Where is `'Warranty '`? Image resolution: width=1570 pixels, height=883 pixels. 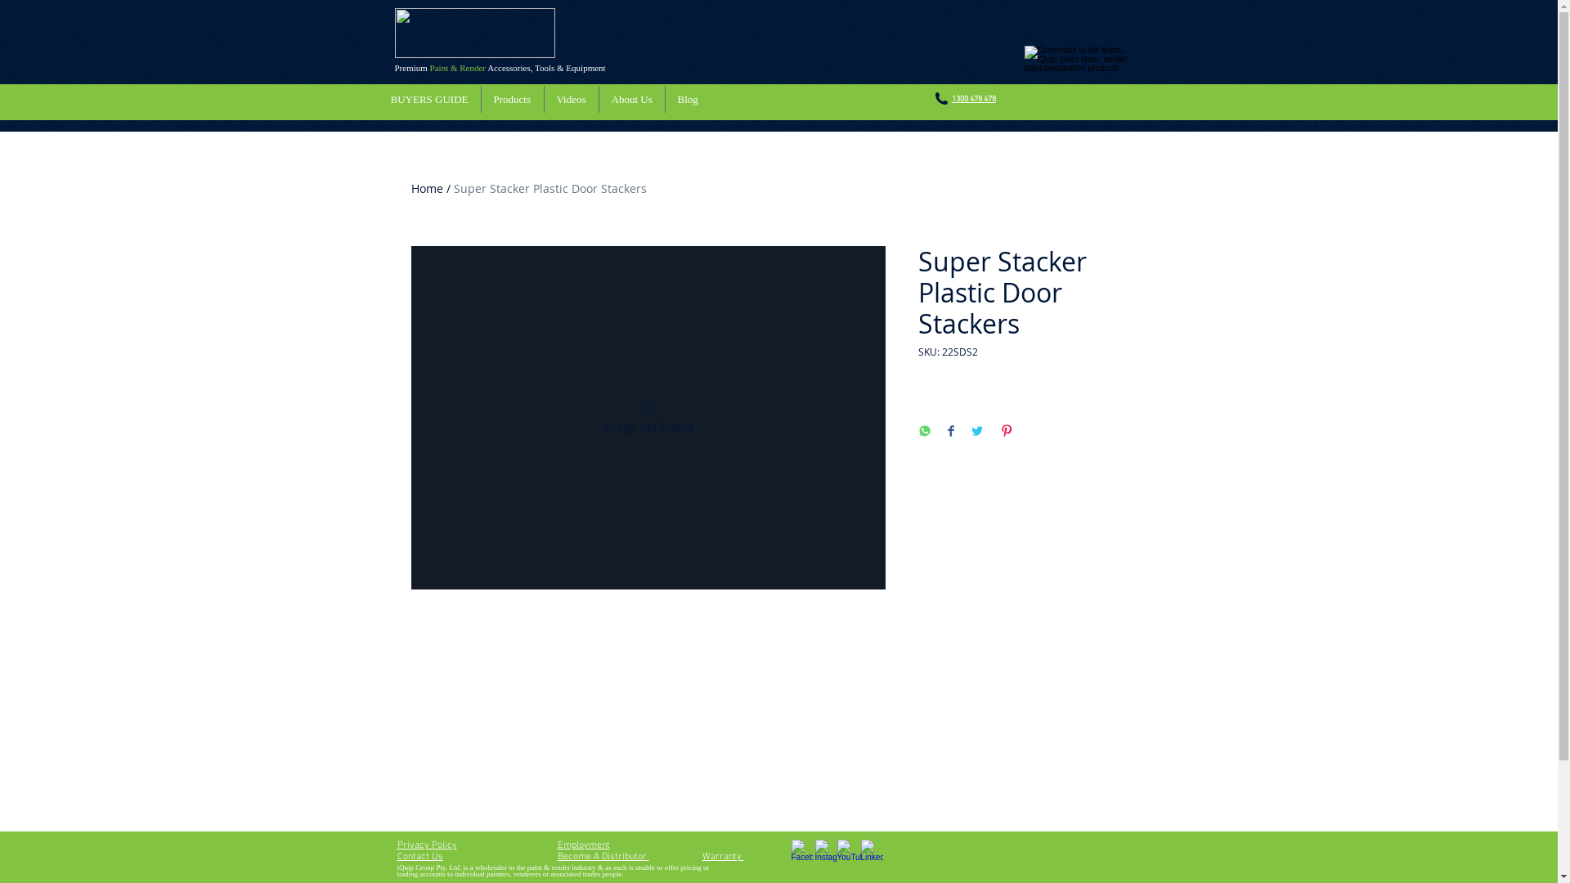 'Warranty ' is located at coordinates (721, 856).